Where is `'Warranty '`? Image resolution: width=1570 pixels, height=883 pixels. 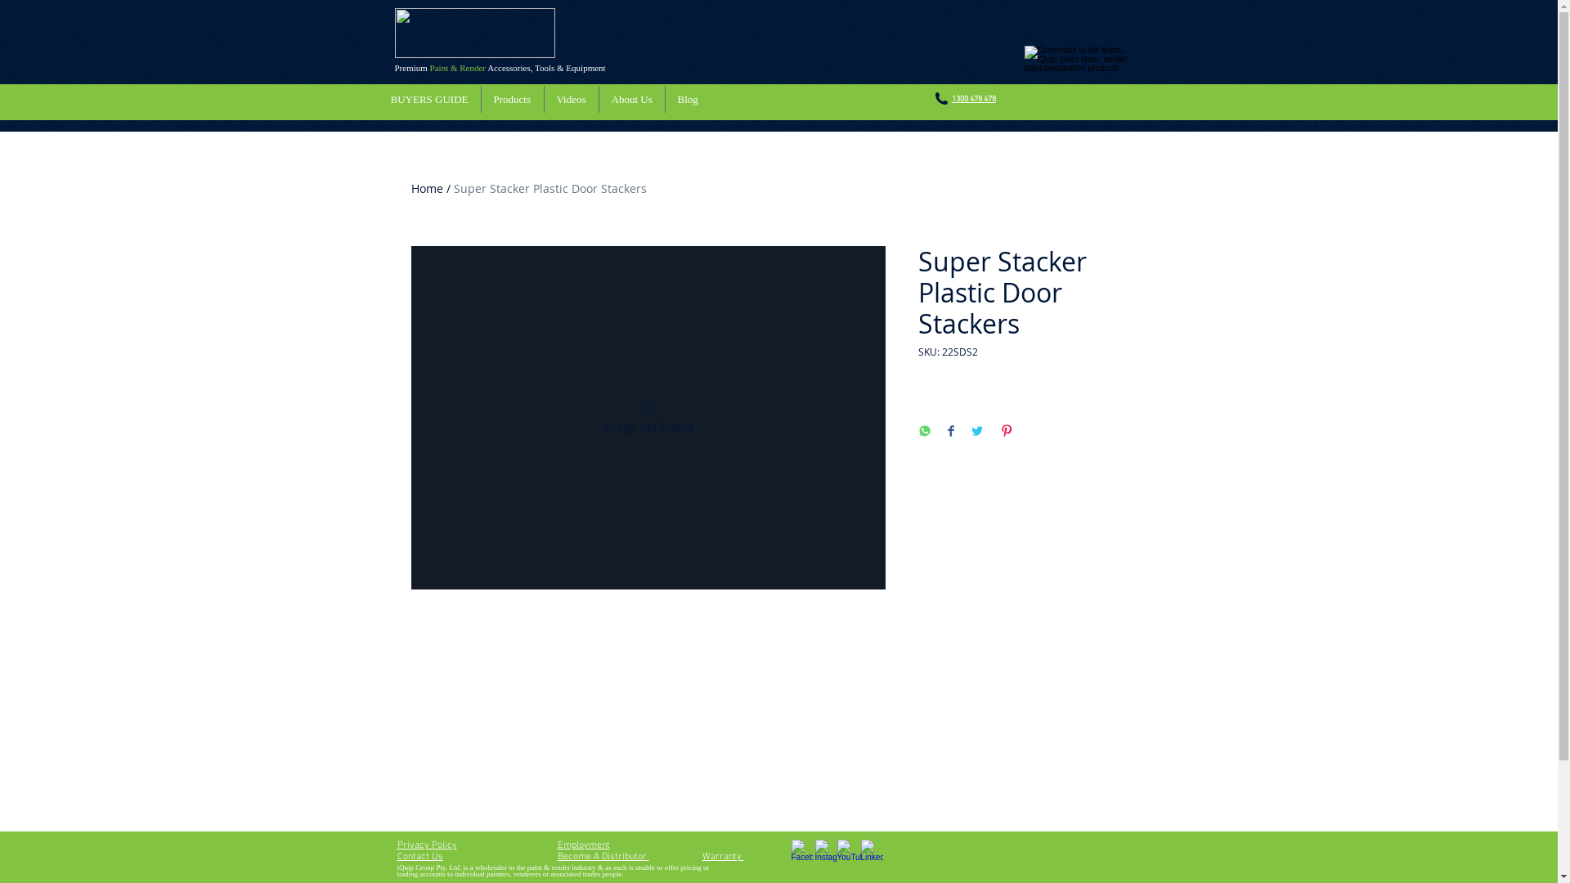 'Warranty ' is located at coordinates (721, 856).